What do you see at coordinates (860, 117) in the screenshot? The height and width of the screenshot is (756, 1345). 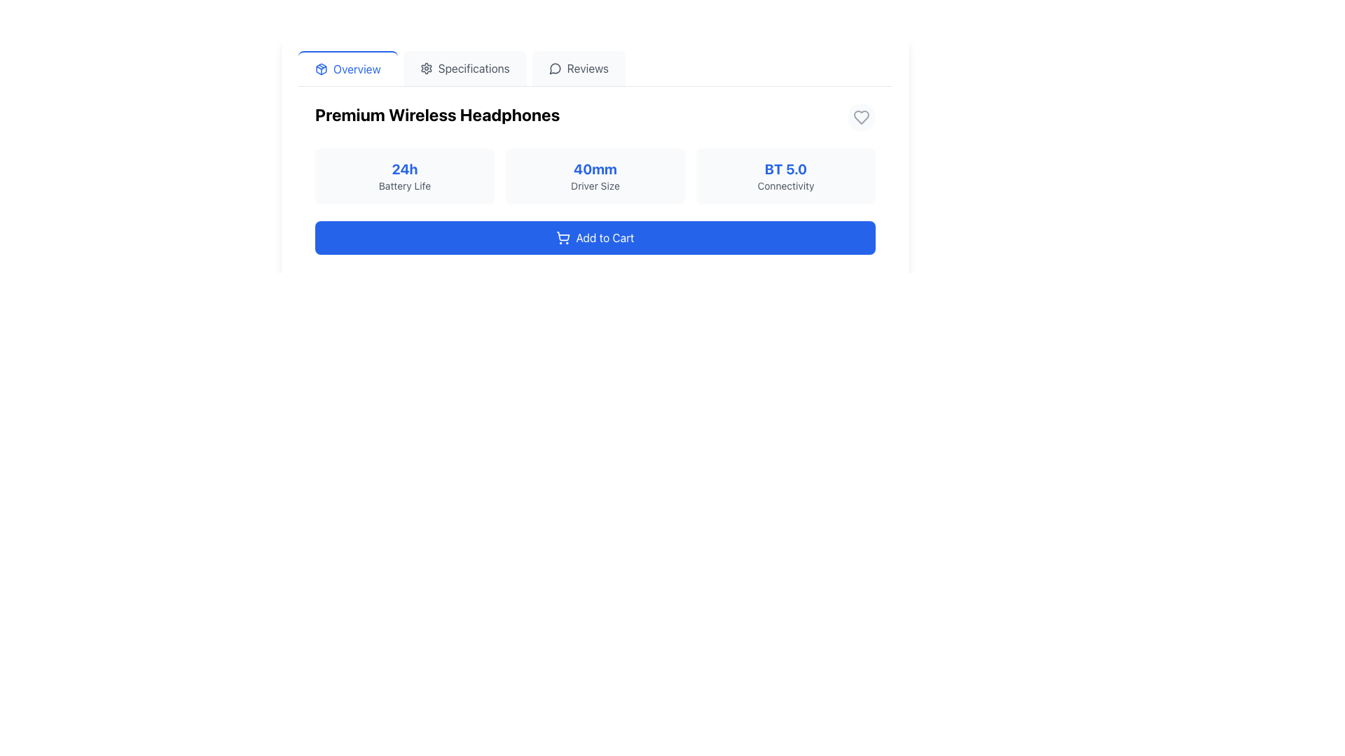 I see `the heart-shaped icon located in the top-right corner of the interface` at bounding box center [860, 117].